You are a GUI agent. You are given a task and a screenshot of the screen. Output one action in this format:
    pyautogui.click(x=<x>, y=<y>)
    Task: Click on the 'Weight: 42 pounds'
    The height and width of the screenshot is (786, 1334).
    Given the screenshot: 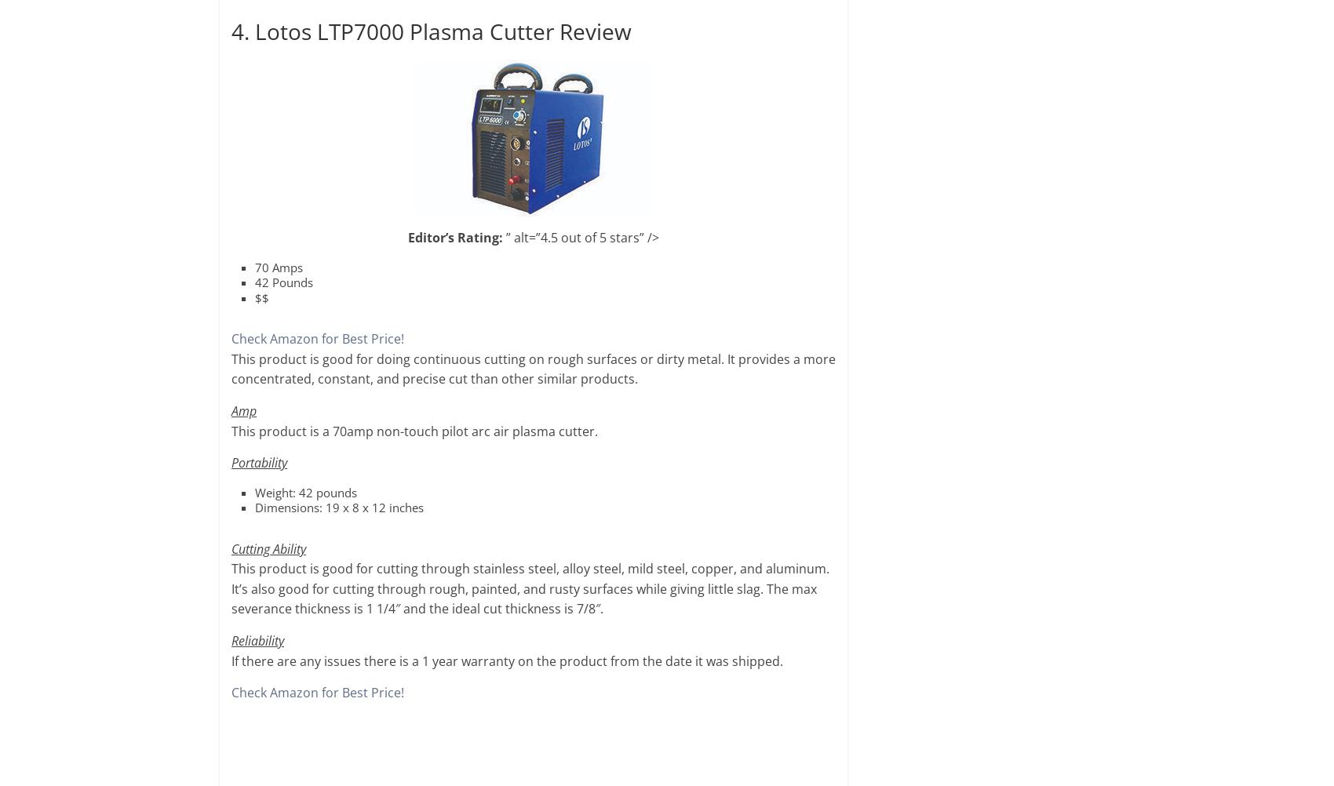 What is the action you would take?
    pyautogui.click(x=304, y=490)
    